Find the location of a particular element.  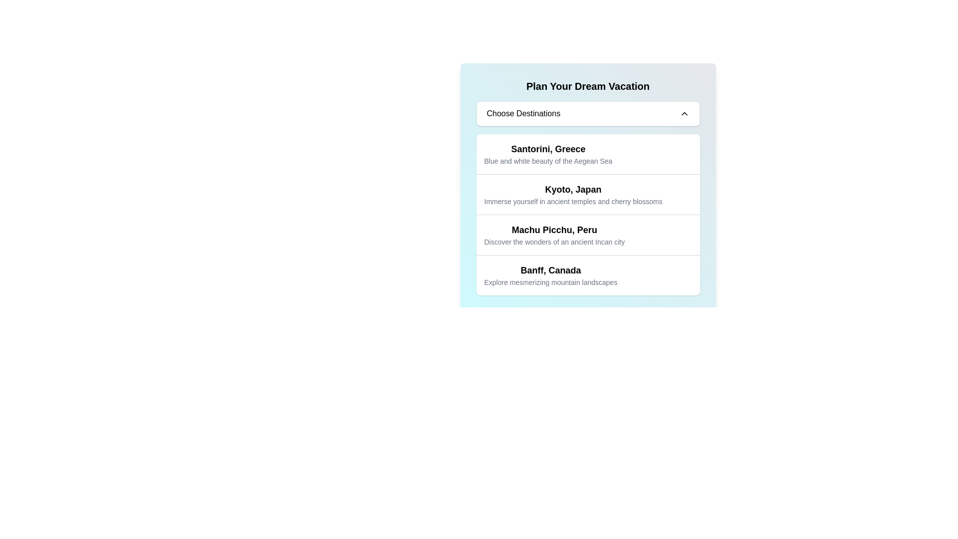

the text block that displays 'Banff, Canada' and the caption 'Explore mesmerizing mountain landscapes', which is the last item in the vacation destinations list is located at coordinates (550, 275).